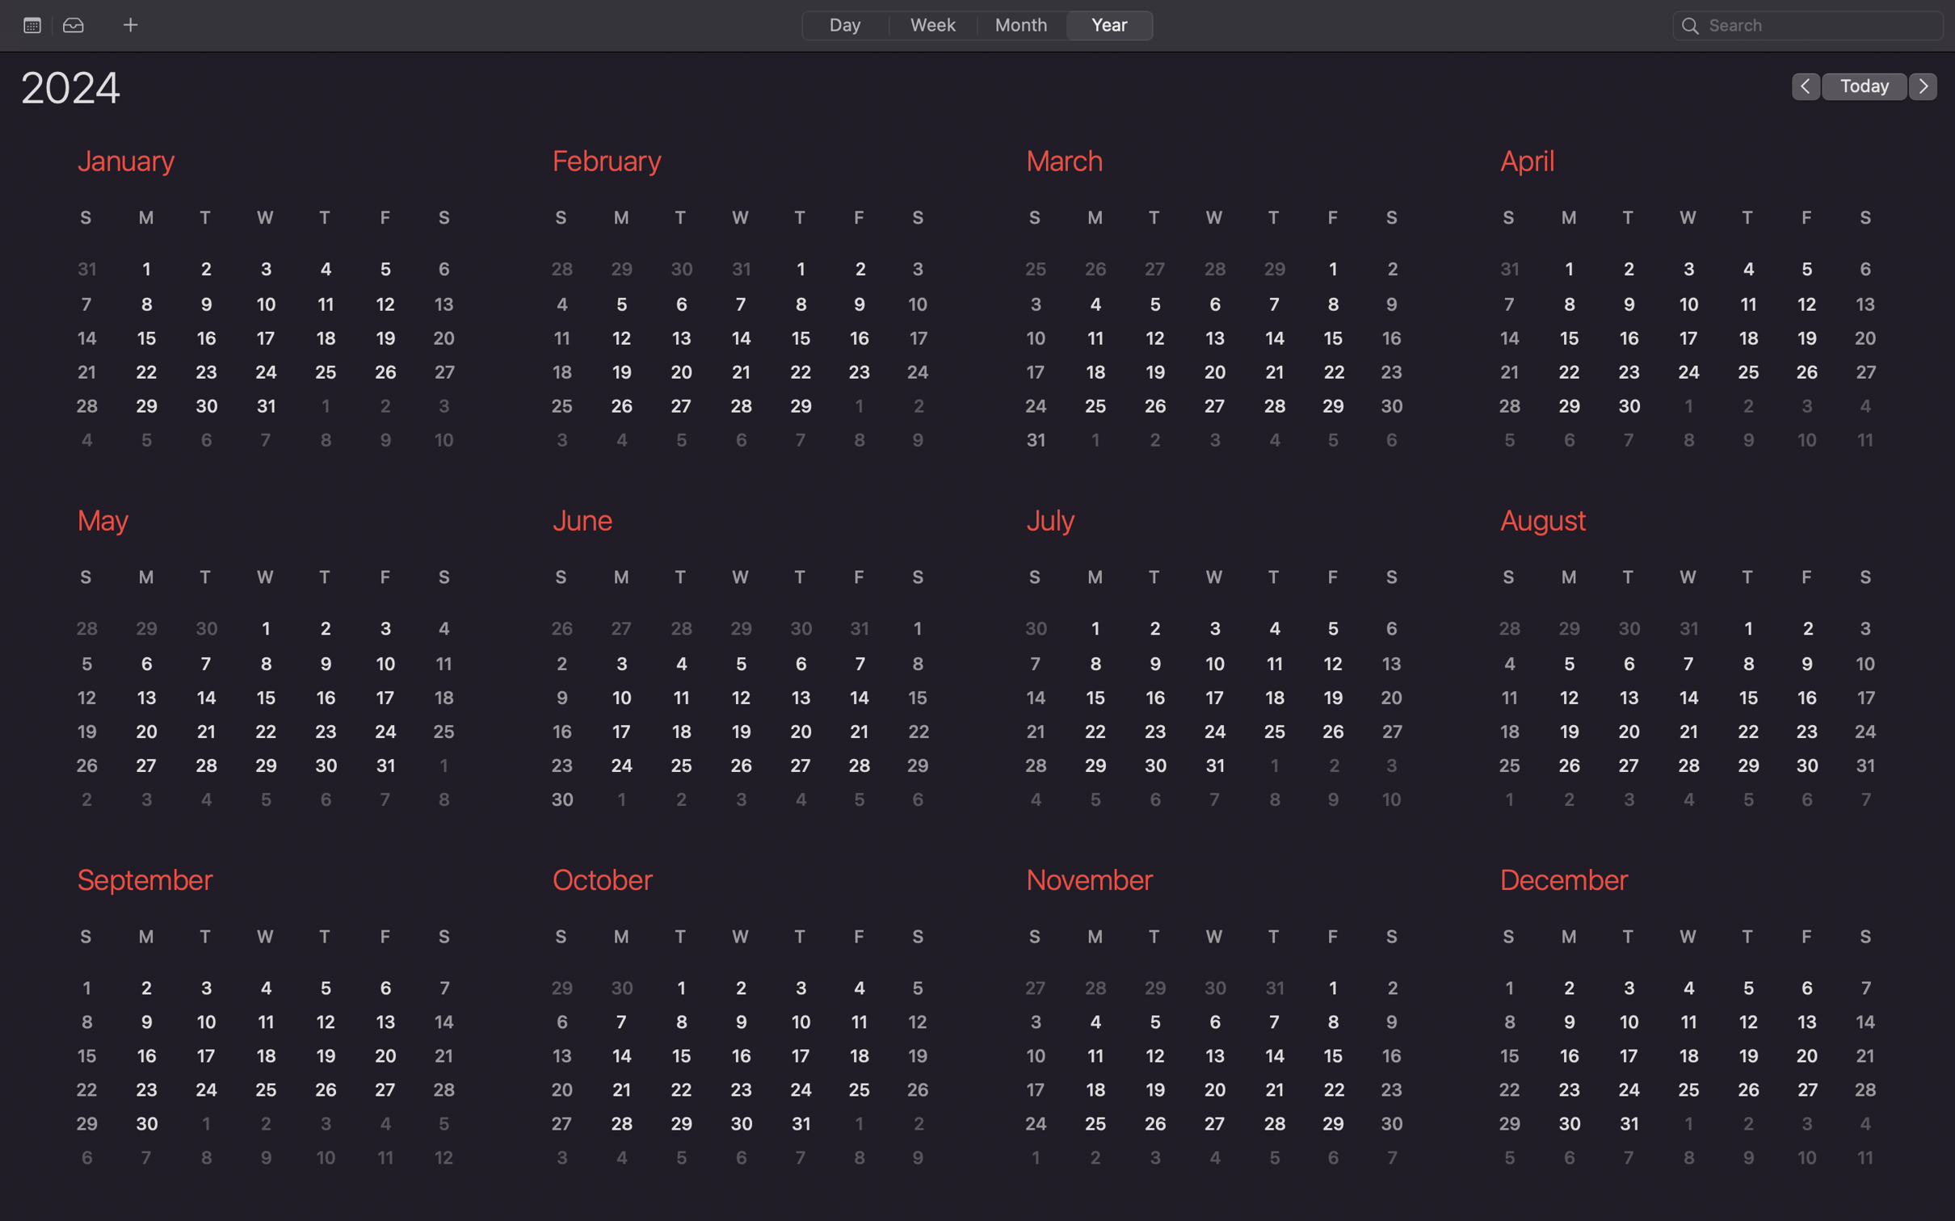 Image resolution: width=1955 pixels, height=1221 pixels. Describe the element at coordinates (1205, 311) in the screenshot. I see `Expand the March dates on the calendar by clicking on it` at that location.